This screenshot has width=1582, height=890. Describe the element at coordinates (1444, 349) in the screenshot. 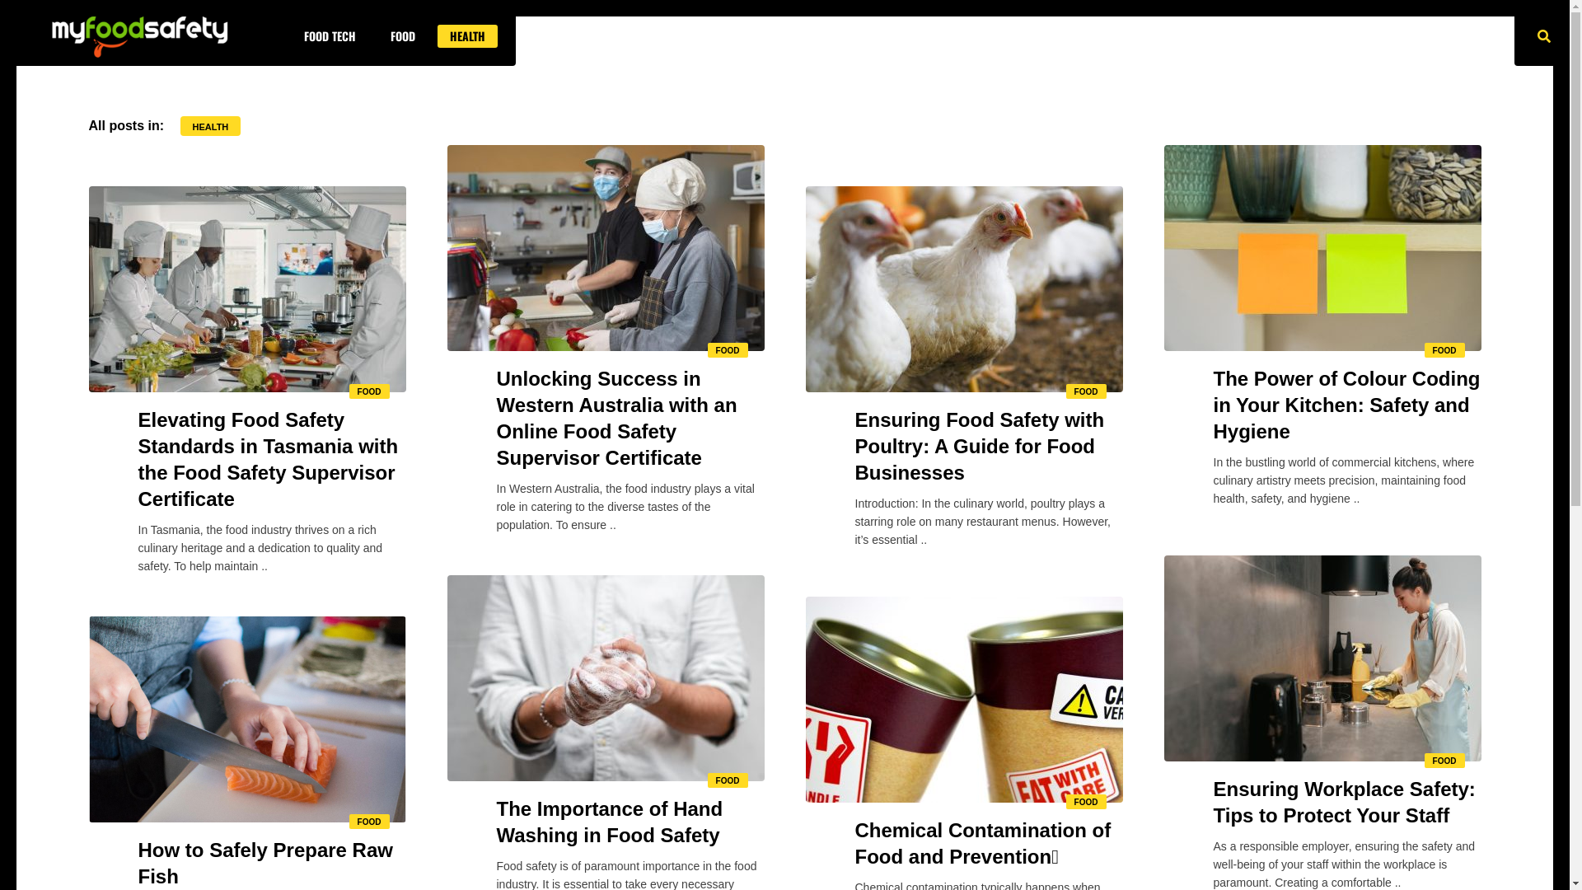

I see `'FOOD'` at that location.